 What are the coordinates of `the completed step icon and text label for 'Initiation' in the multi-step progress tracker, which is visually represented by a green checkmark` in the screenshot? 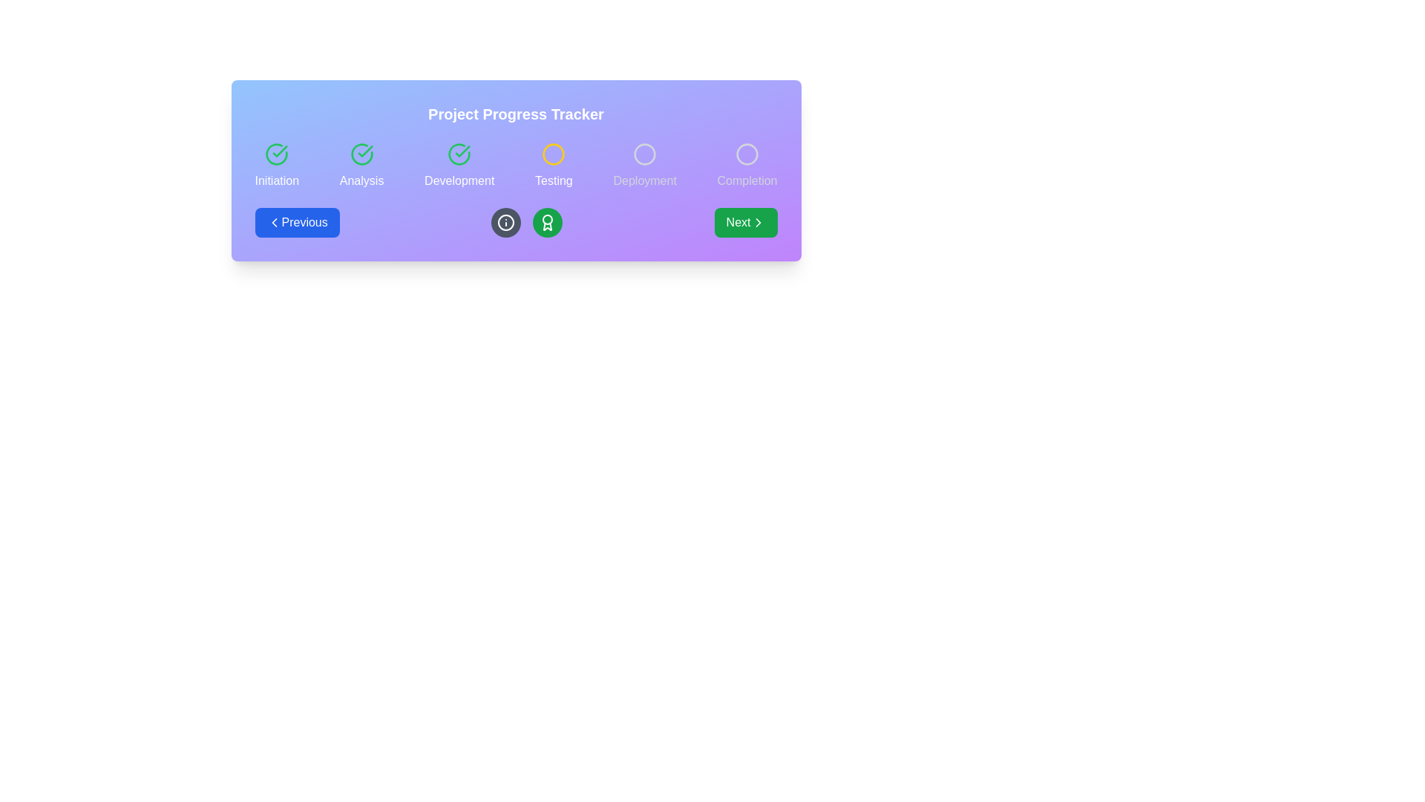 It's located at (277, 166).